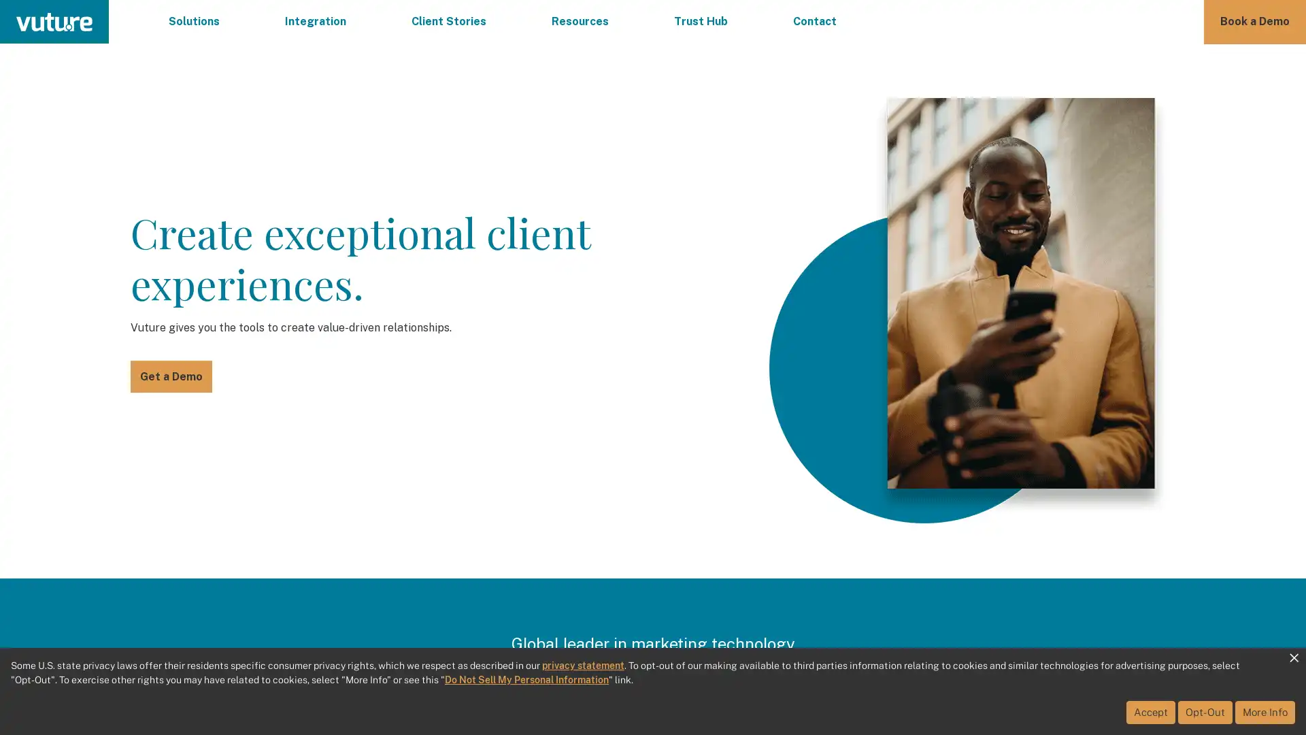 The image size is (1306, 735). I want to click on Opt-Out, so click(1205, 711).